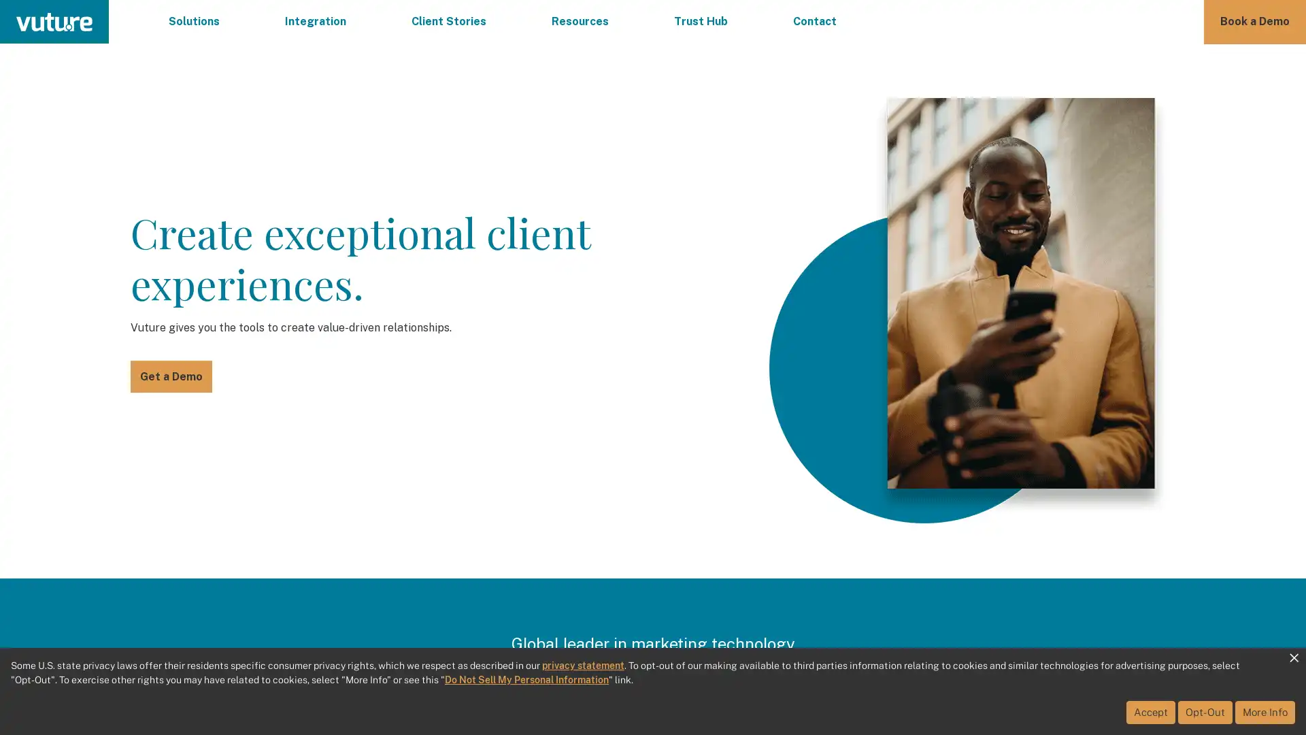 The image size is (1306, 735). I want to click on Opt-Out, so click(1205, 711).